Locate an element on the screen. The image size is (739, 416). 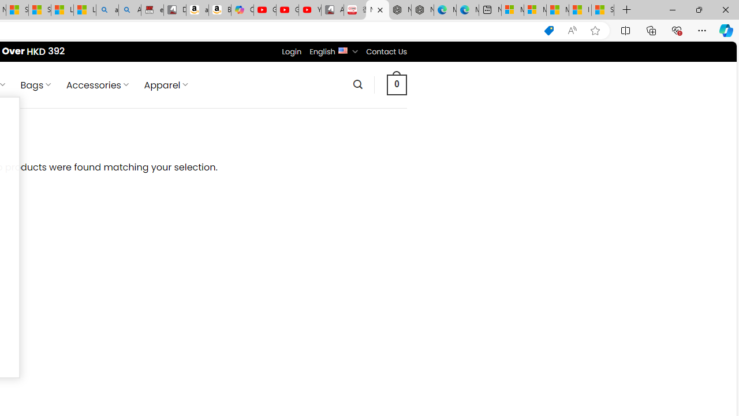
'Restore' is located at coordinates (698, 9).